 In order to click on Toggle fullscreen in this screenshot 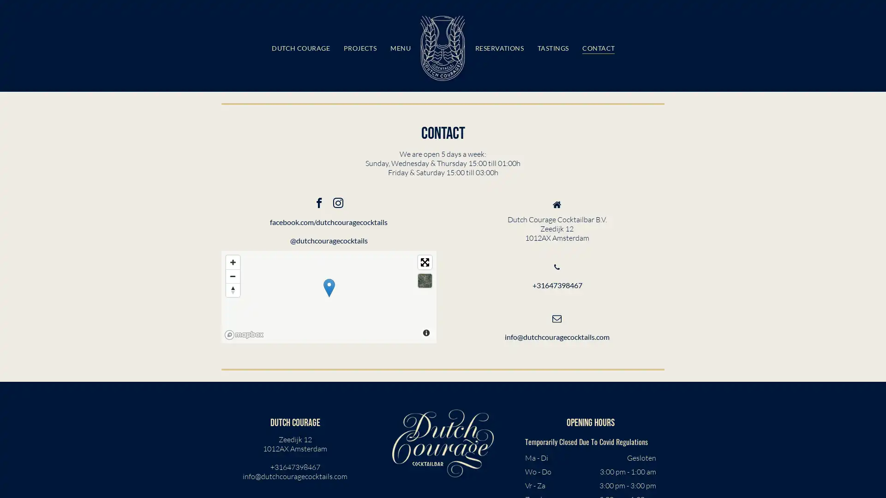, I will do `click(424, 261)`.